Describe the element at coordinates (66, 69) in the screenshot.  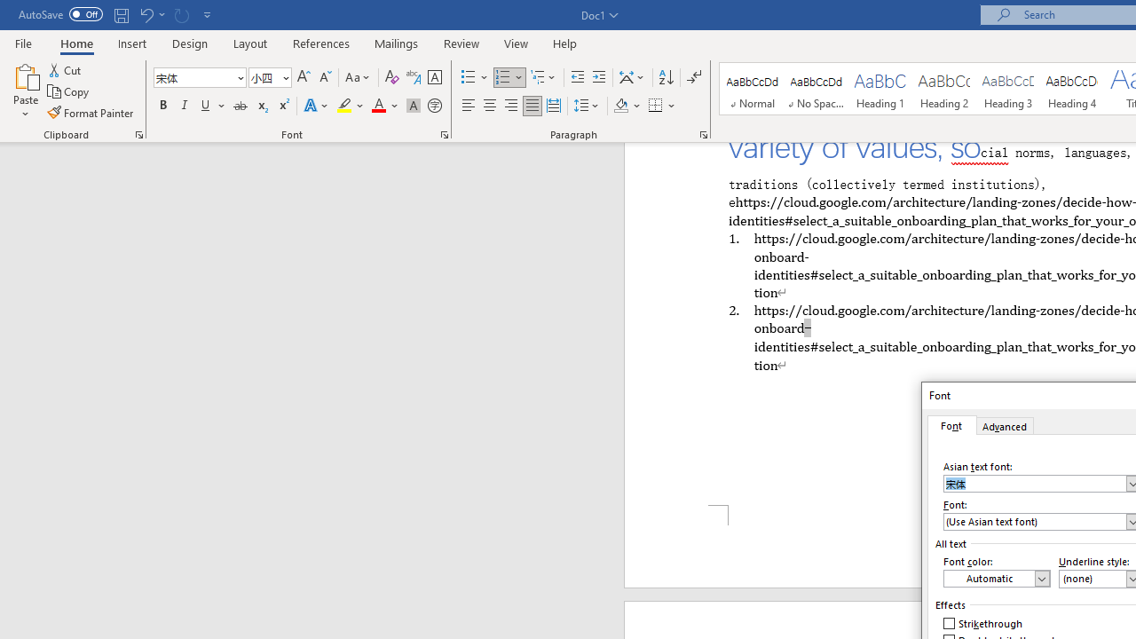
I see `'Cut'` at that location.